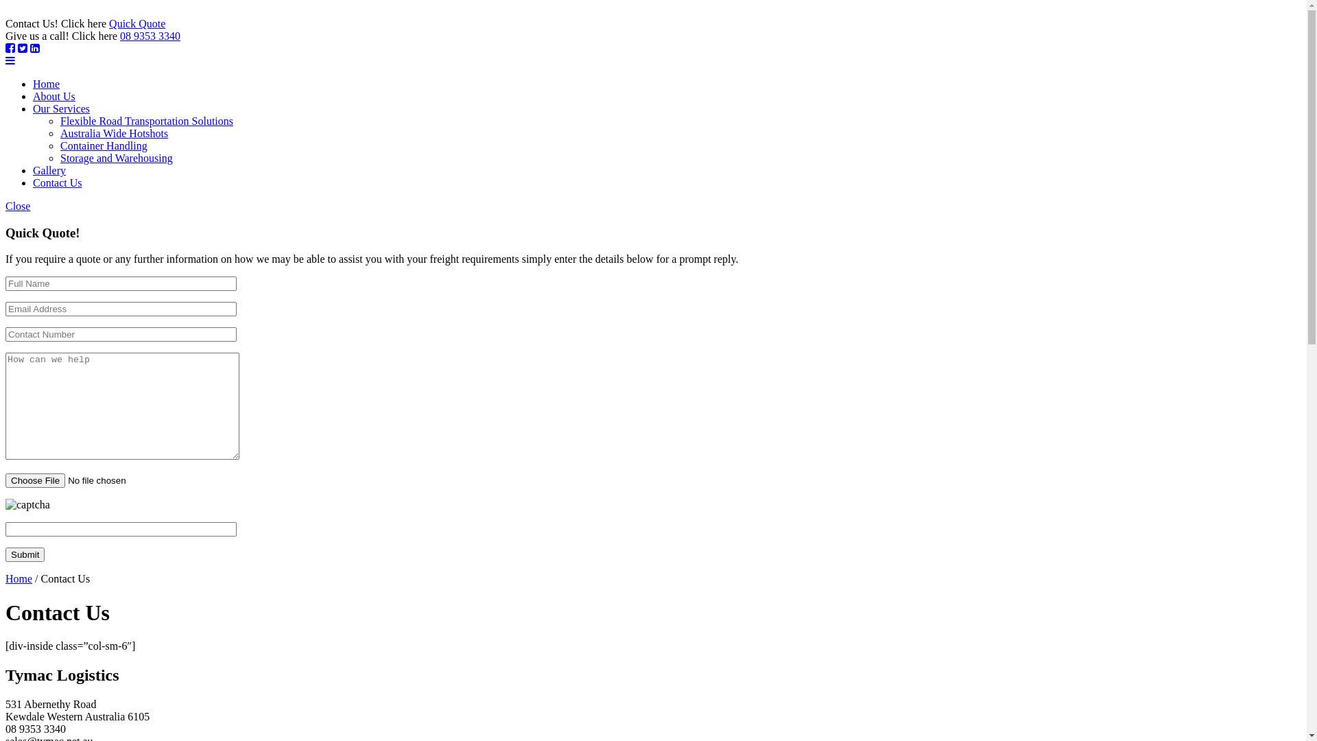 Image resolution: width=1317 pixels, height=741 pixels. What do you see at coordinates (103, 145) in the screenshot?
I see `'Container Handling'` at bounding box center [103, 145].